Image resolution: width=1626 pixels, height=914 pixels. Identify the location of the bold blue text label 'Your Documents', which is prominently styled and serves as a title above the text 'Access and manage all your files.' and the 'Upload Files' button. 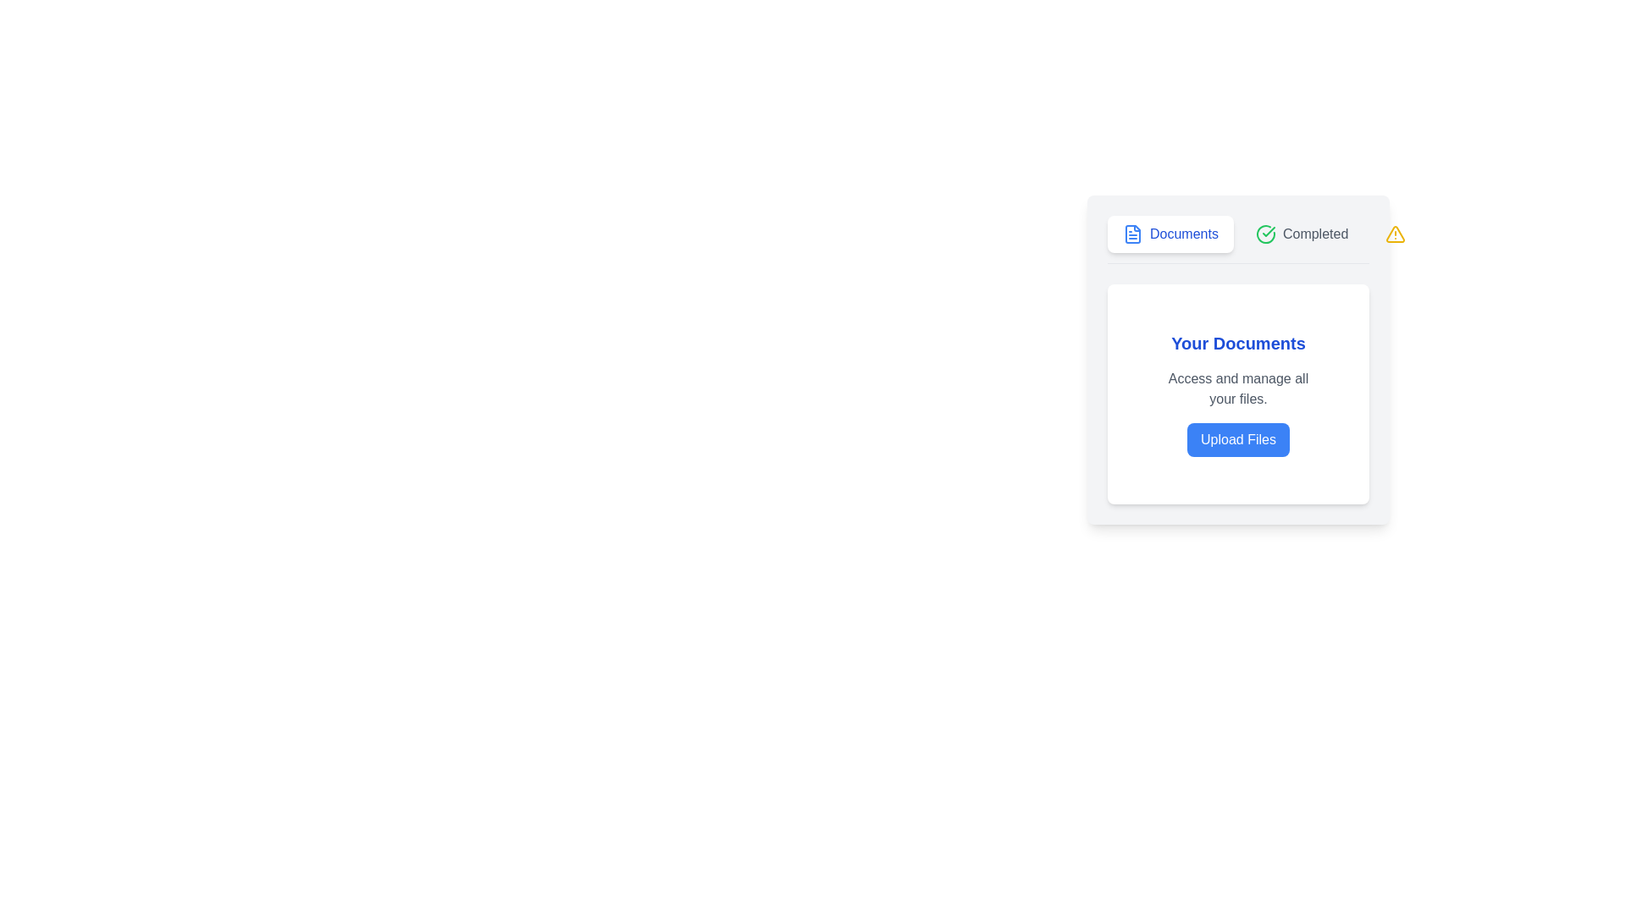
(1238, 343).